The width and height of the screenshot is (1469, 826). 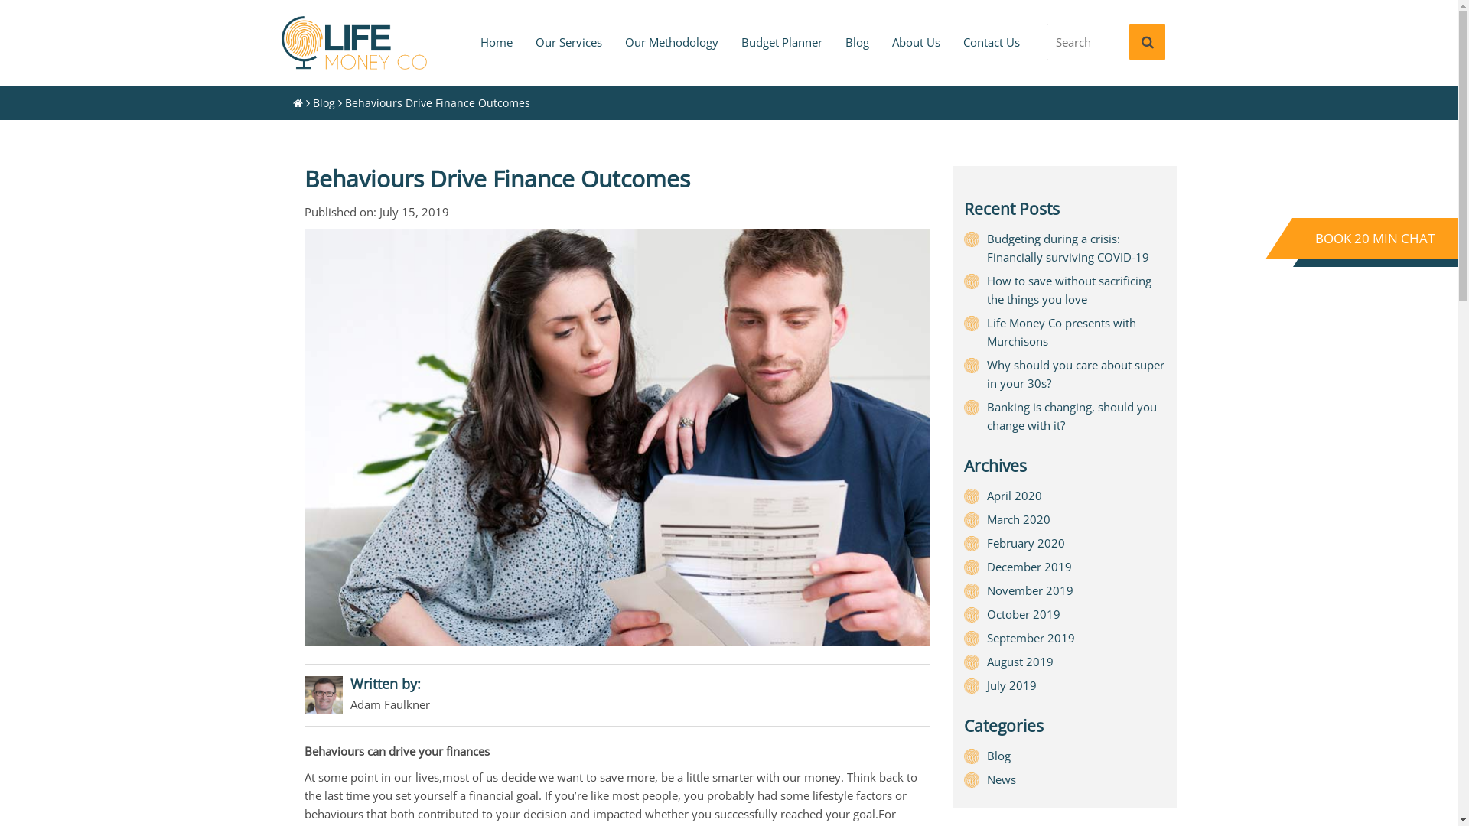 I want to click on 'July 2019', so click(x=1011, y=684).